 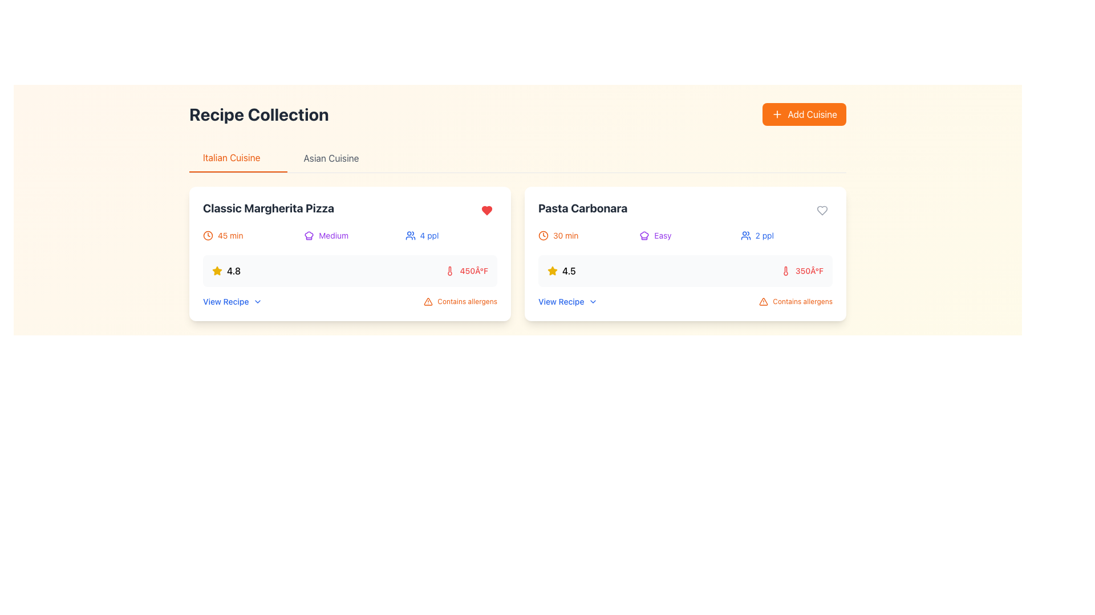 What do you see at coordinates (812, 114) in the screenshot?
I see `the 'Add Cuisine' text label within the orange button located towards the top-right of the interface` at bounding box center [812, 114].